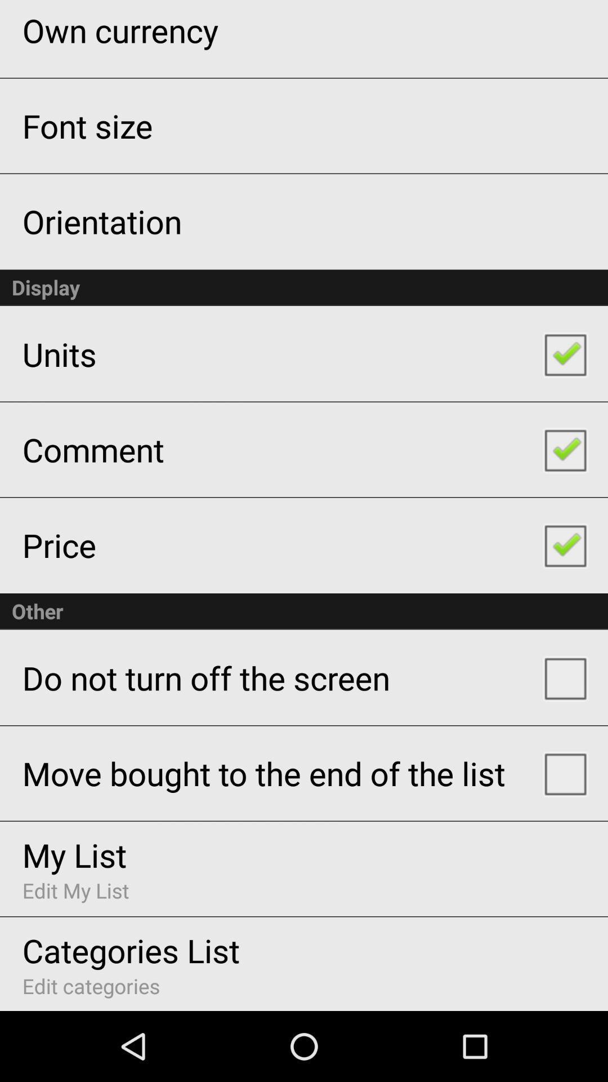 The width and height of the screenshot is (608, 1082). What do you see at coordinates (59, 353) in the screenshot?
I see `app below display icon` at bounding box center [59, 353].